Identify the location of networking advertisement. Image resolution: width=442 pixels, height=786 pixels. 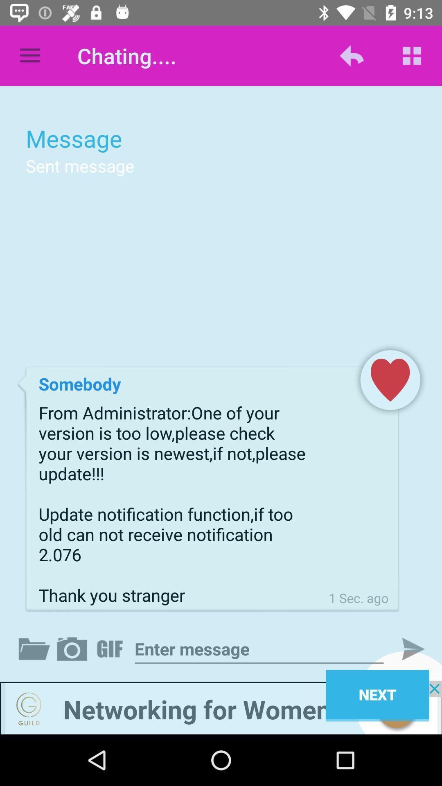
(221, 707).